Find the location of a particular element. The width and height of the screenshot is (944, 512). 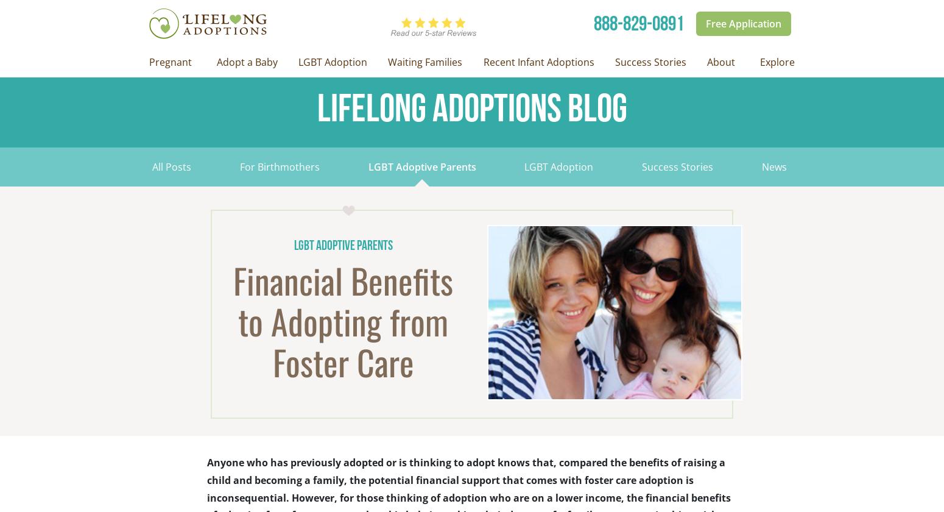

'Financial Benefits to Adopting from Foster Care' is located at coordinates (343, 321).